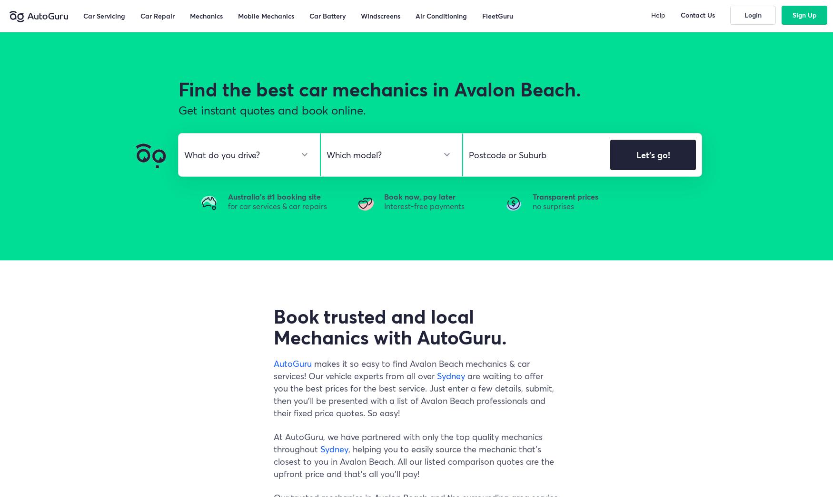  Describe the element at coordinates (653, 154) in the screenshot. I see `'Let's go!'` at that location.